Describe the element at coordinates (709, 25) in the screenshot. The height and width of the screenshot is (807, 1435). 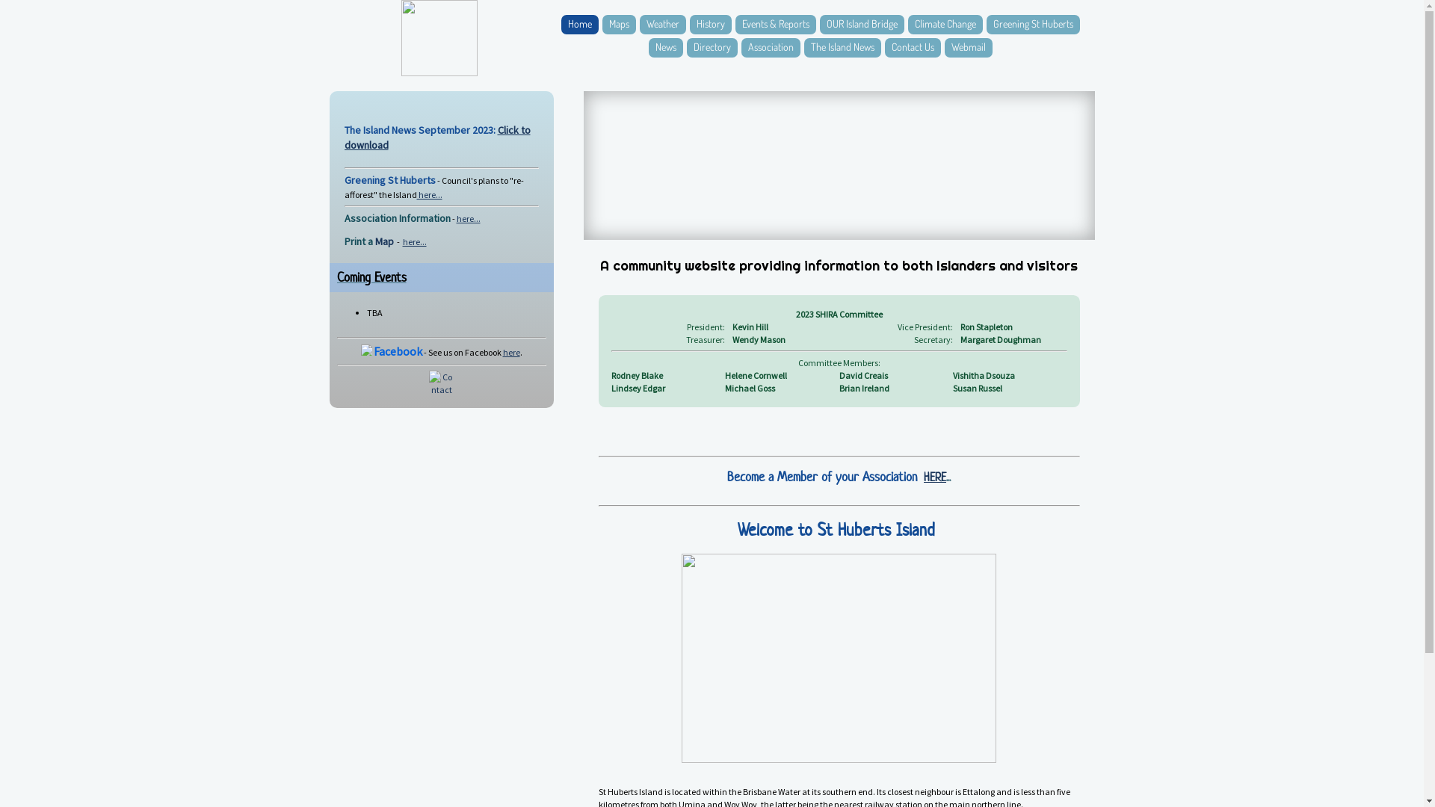
I see `'History'` at that location.